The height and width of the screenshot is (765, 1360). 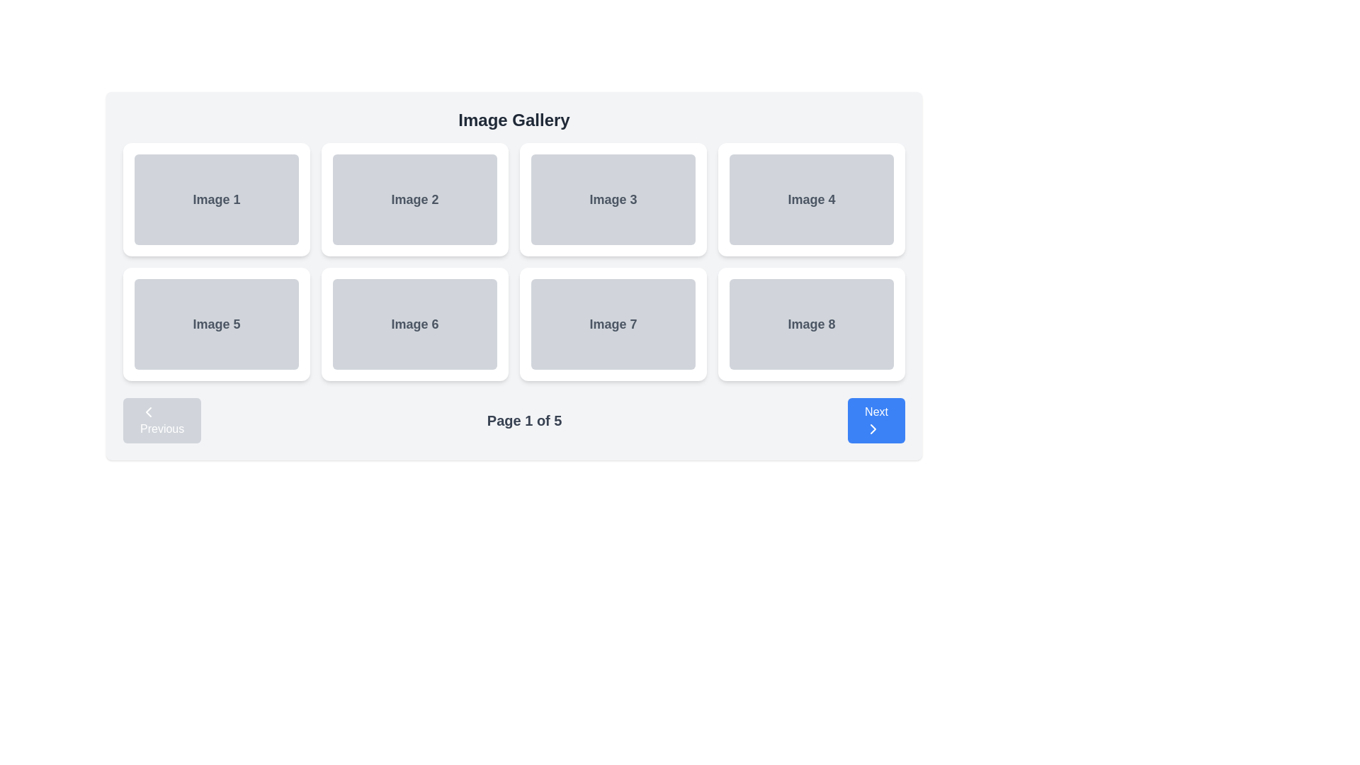 I want to click on the Text label displaying 'Image 2' which is styled in gray color and bold font, located in the second rectangular block of the grid-like image gallery layout, so click(x=414, y=199).